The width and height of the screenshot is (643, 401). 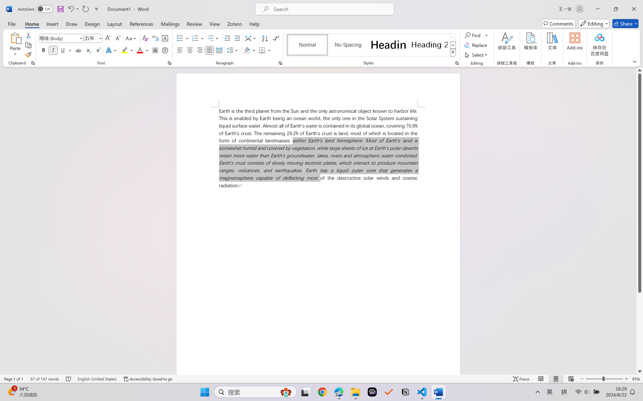 What do you see at coordinates (14, 379) in the screenshot?
I see `'Page Number Page 1 of 1'` at bounding box center [14, 379].